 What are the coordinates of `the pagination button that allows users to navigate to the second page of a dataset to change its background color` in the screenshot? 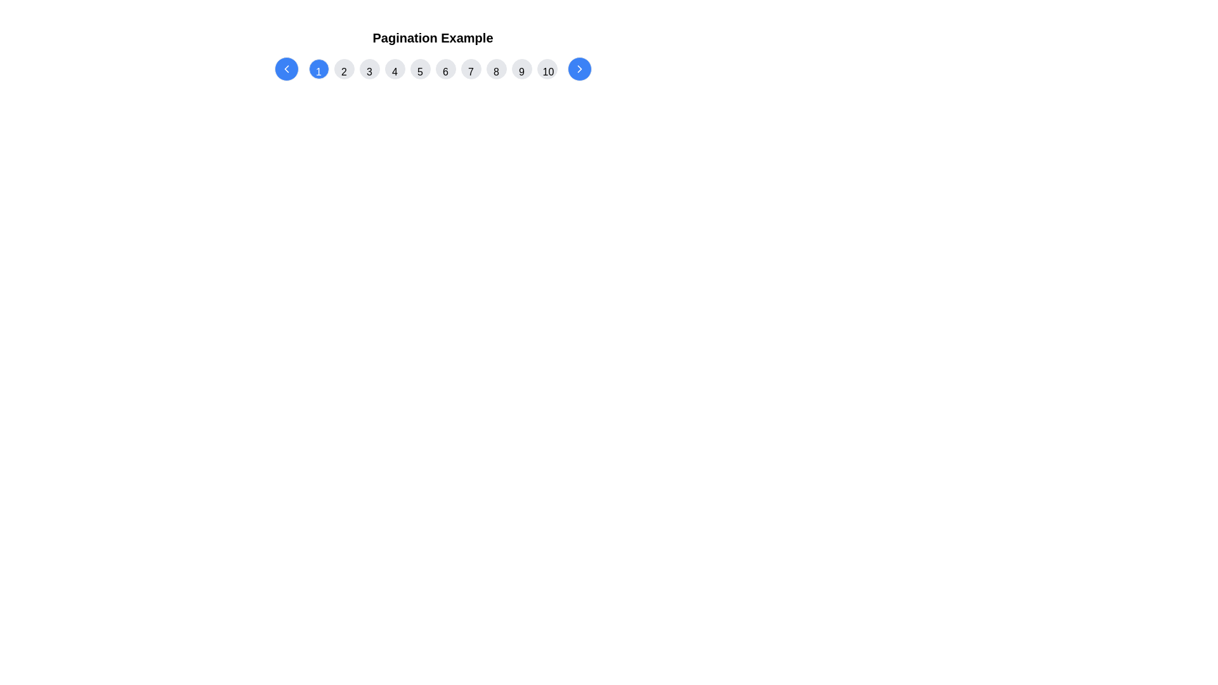 It's located at (344, 68).